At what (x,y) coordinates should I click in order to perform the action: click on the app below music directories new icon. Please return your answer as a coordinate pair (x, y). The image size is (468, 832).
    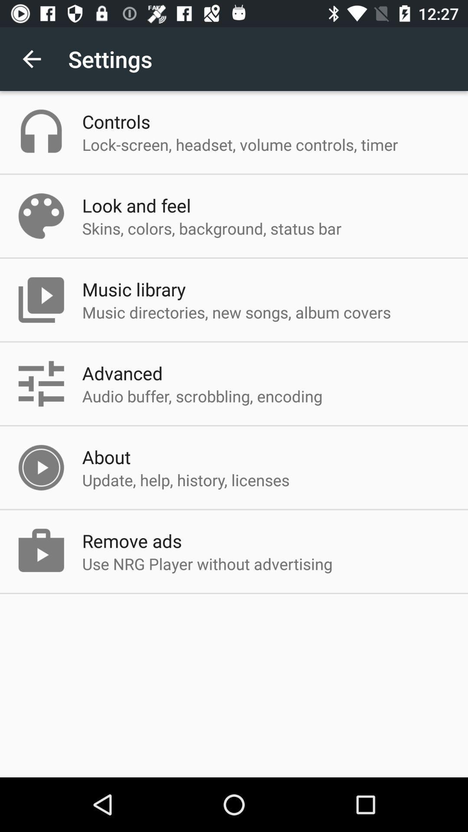
    Looking at the image, I should click on (122, 373).